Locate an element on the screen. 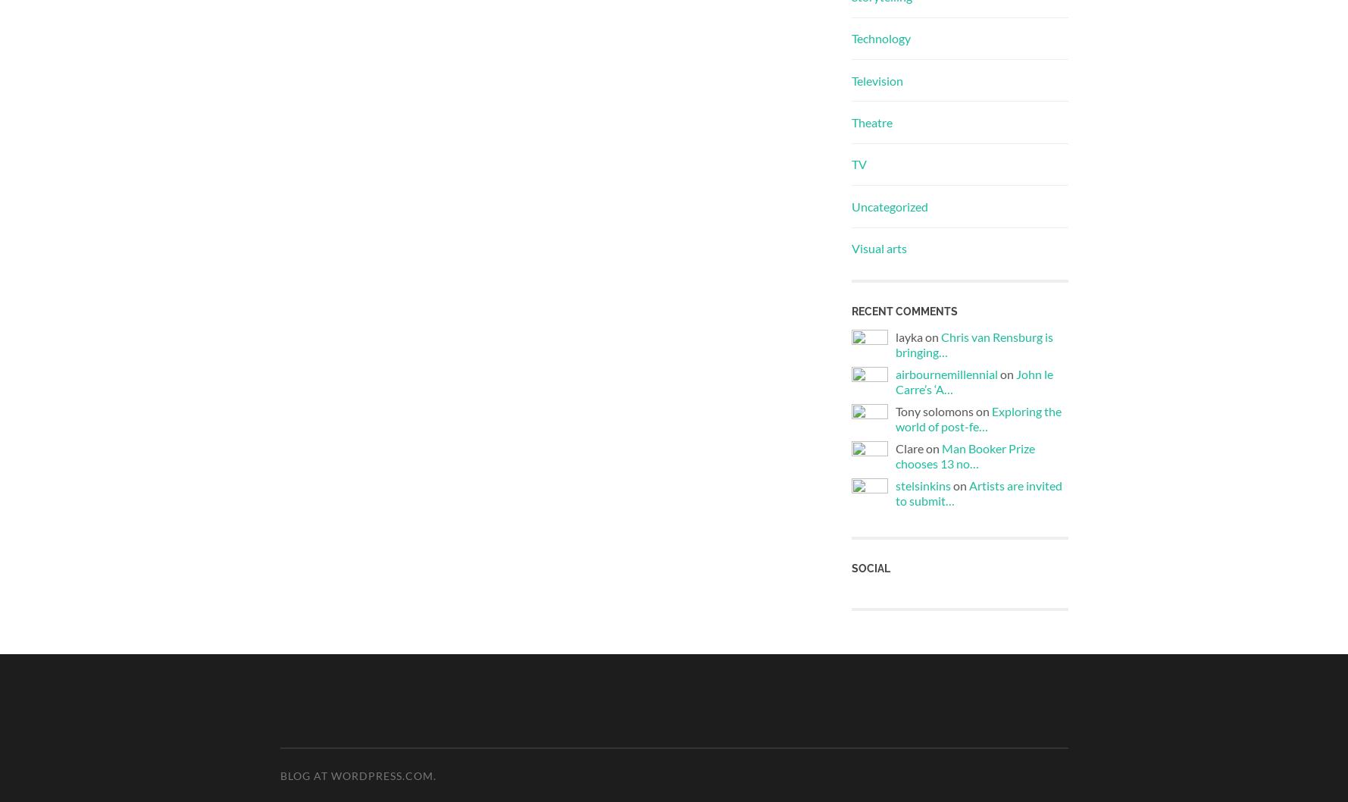 Image resolution: width=1348 pixels, height=802 pixels. 'Visual arts' is located at coordinates (878, 247).